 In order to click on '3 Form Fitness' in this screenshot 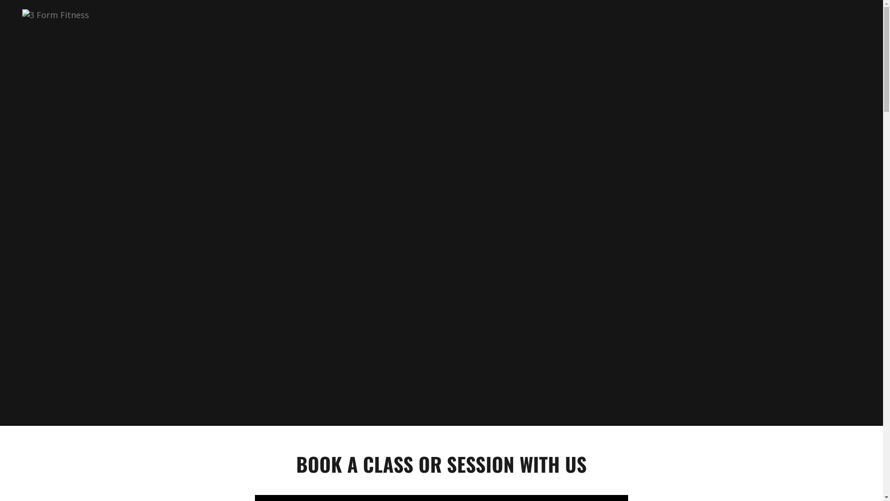, I will do `click(55, 13)`.